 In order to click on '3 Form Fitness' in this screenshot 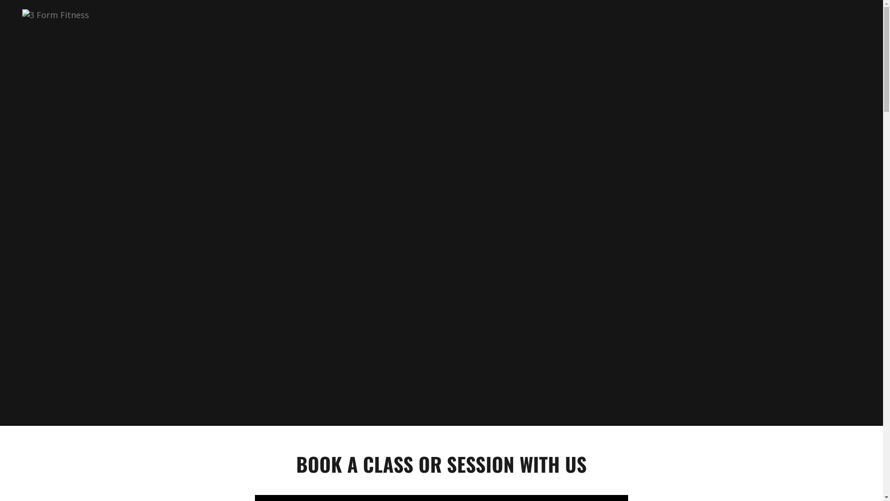, I will do `click(55, 13)`.